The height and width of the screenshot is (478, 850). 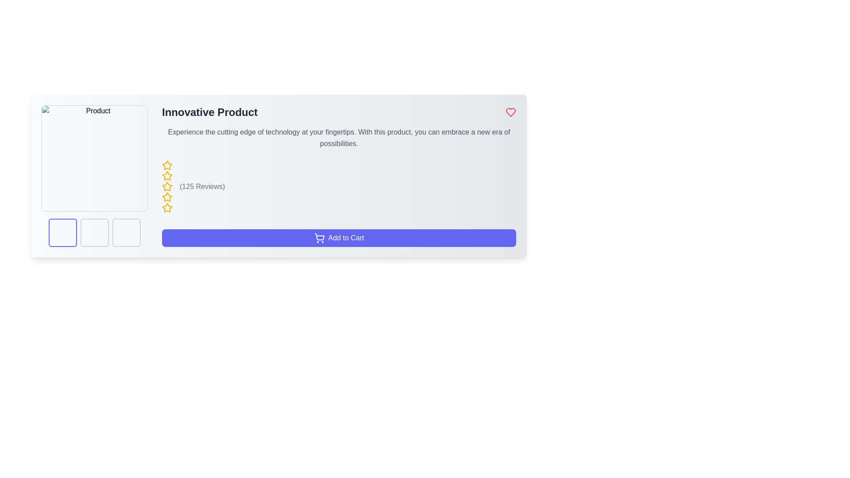 I want to click on the fifth star-shaped rating icon, which is outlined in yellow and located beneath the '(125 Reviews)' label, so click(x=167, y=208).